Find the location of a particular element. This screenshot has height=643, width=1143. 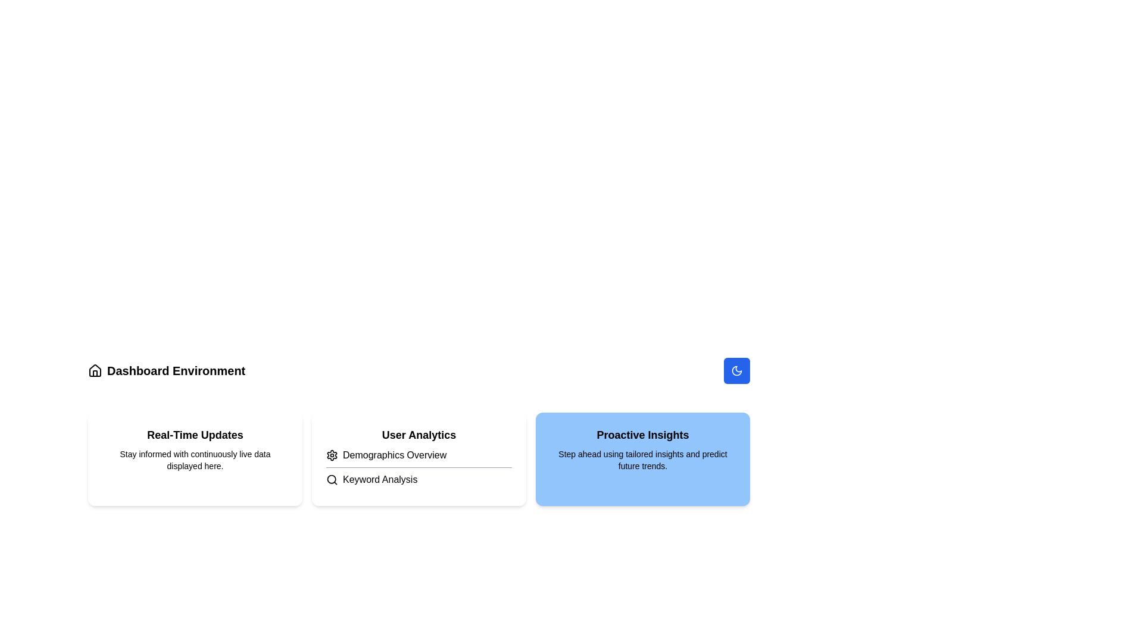

the circle component of the magnifying glass icon, which represents the search function in the upper-right area of the interface layout is located at coordinates (332, 479).